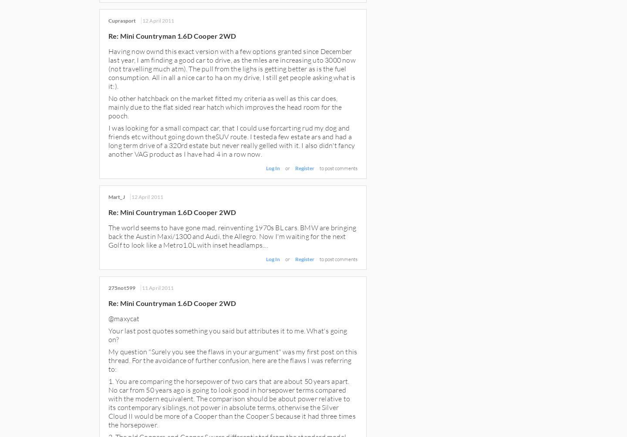  I want to click on 'No other hatchback on the market fitted my criteria as well as this car does, mainly due to the flat sided rear hatch which improves the head room for the pooch.', so click(224, 106).